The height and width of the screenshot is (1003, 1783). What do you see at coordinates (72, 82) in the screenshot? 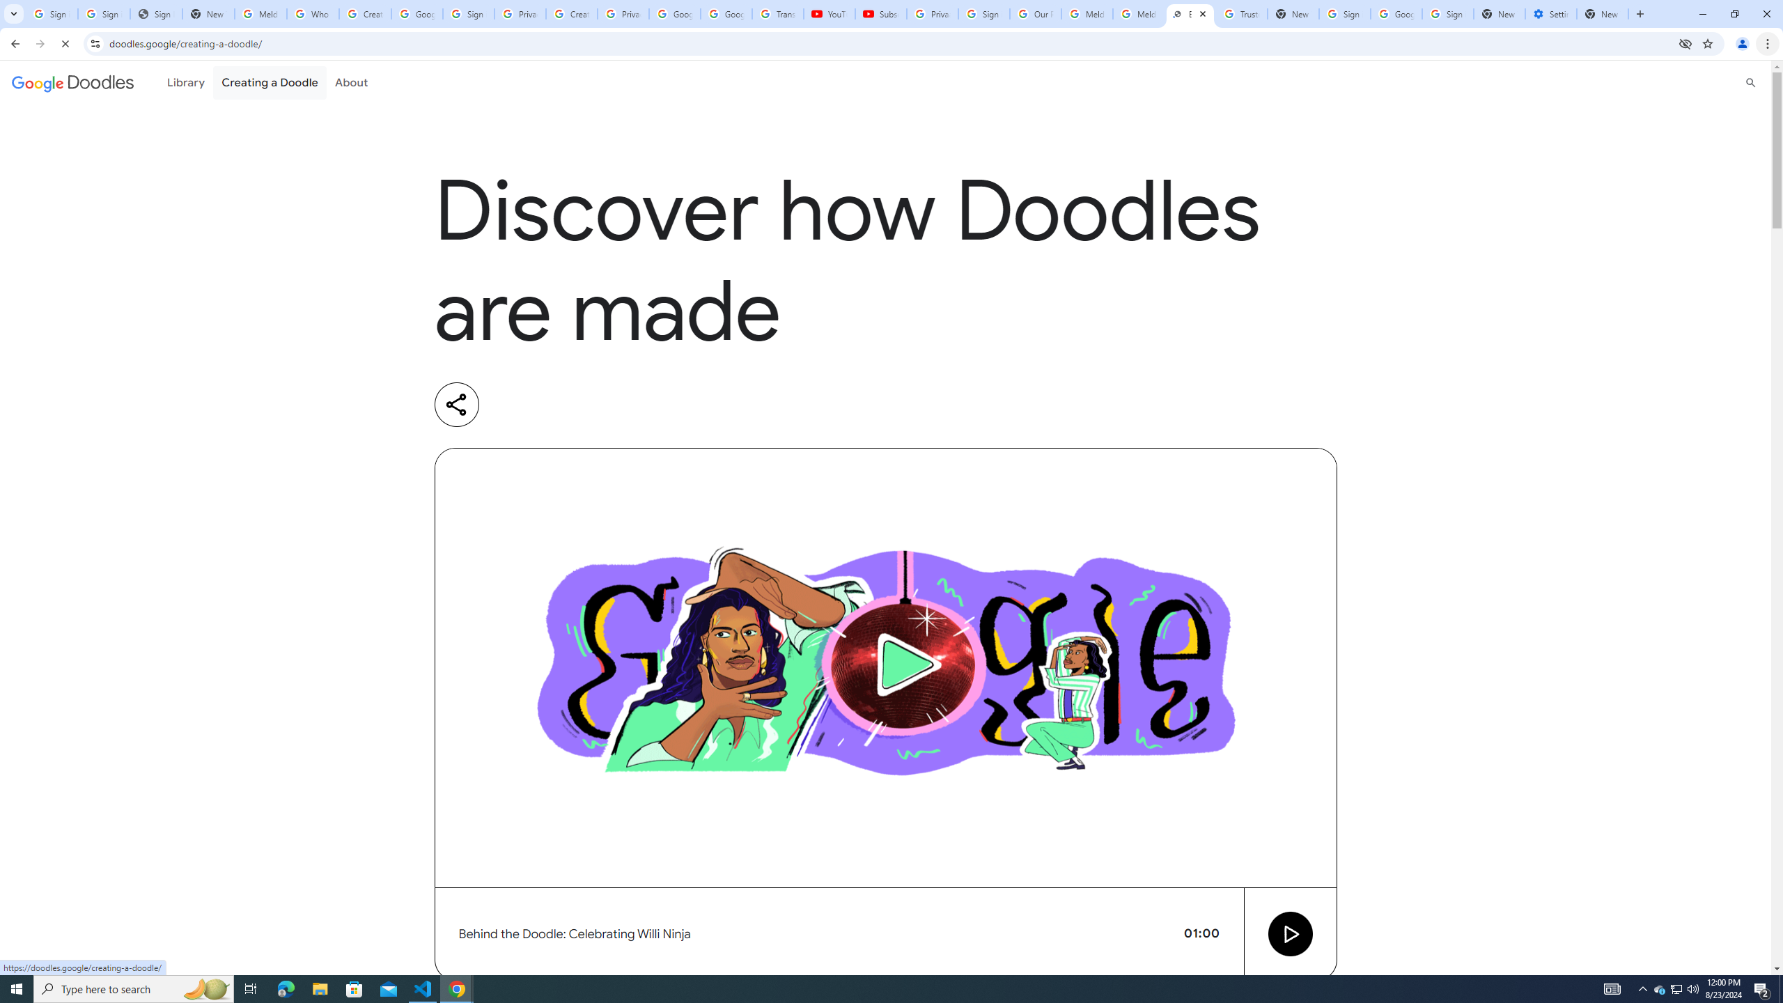
I see `'Google doodles'` at bounding box center [72, 82].